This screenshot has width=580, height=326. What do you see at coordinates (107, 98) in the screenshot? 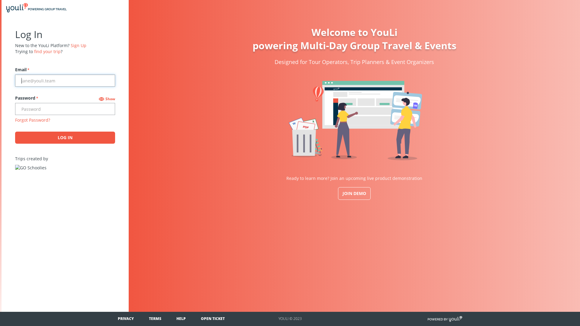
I see `'Show'` at bounding box center [107, 98].